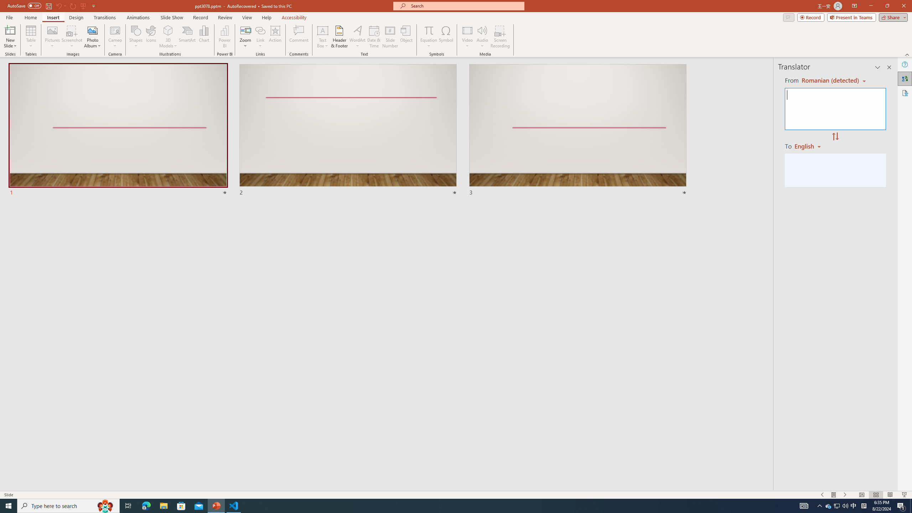 Image resolution: width=912 pixels, height=513 pixels. I want to click on 'Symbol...', so click(446, 37).